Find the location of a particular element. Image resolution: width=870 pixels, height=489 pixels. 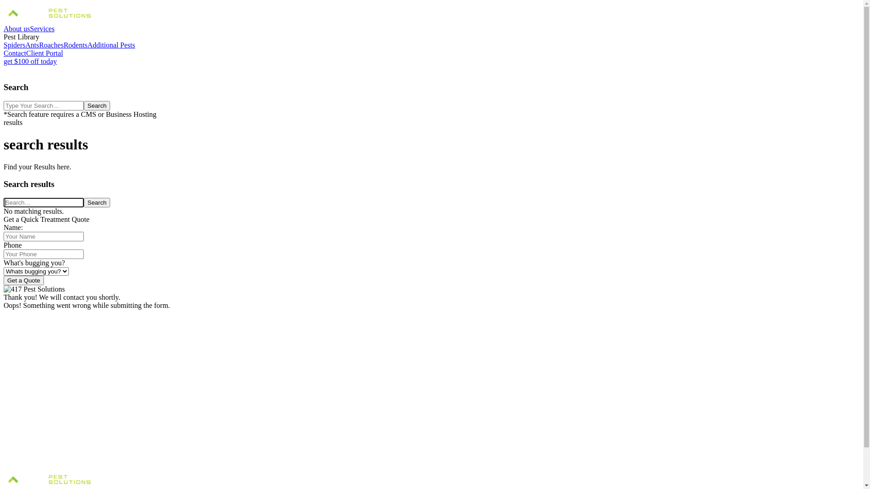

'Services' is located at coordinates (41, 28).